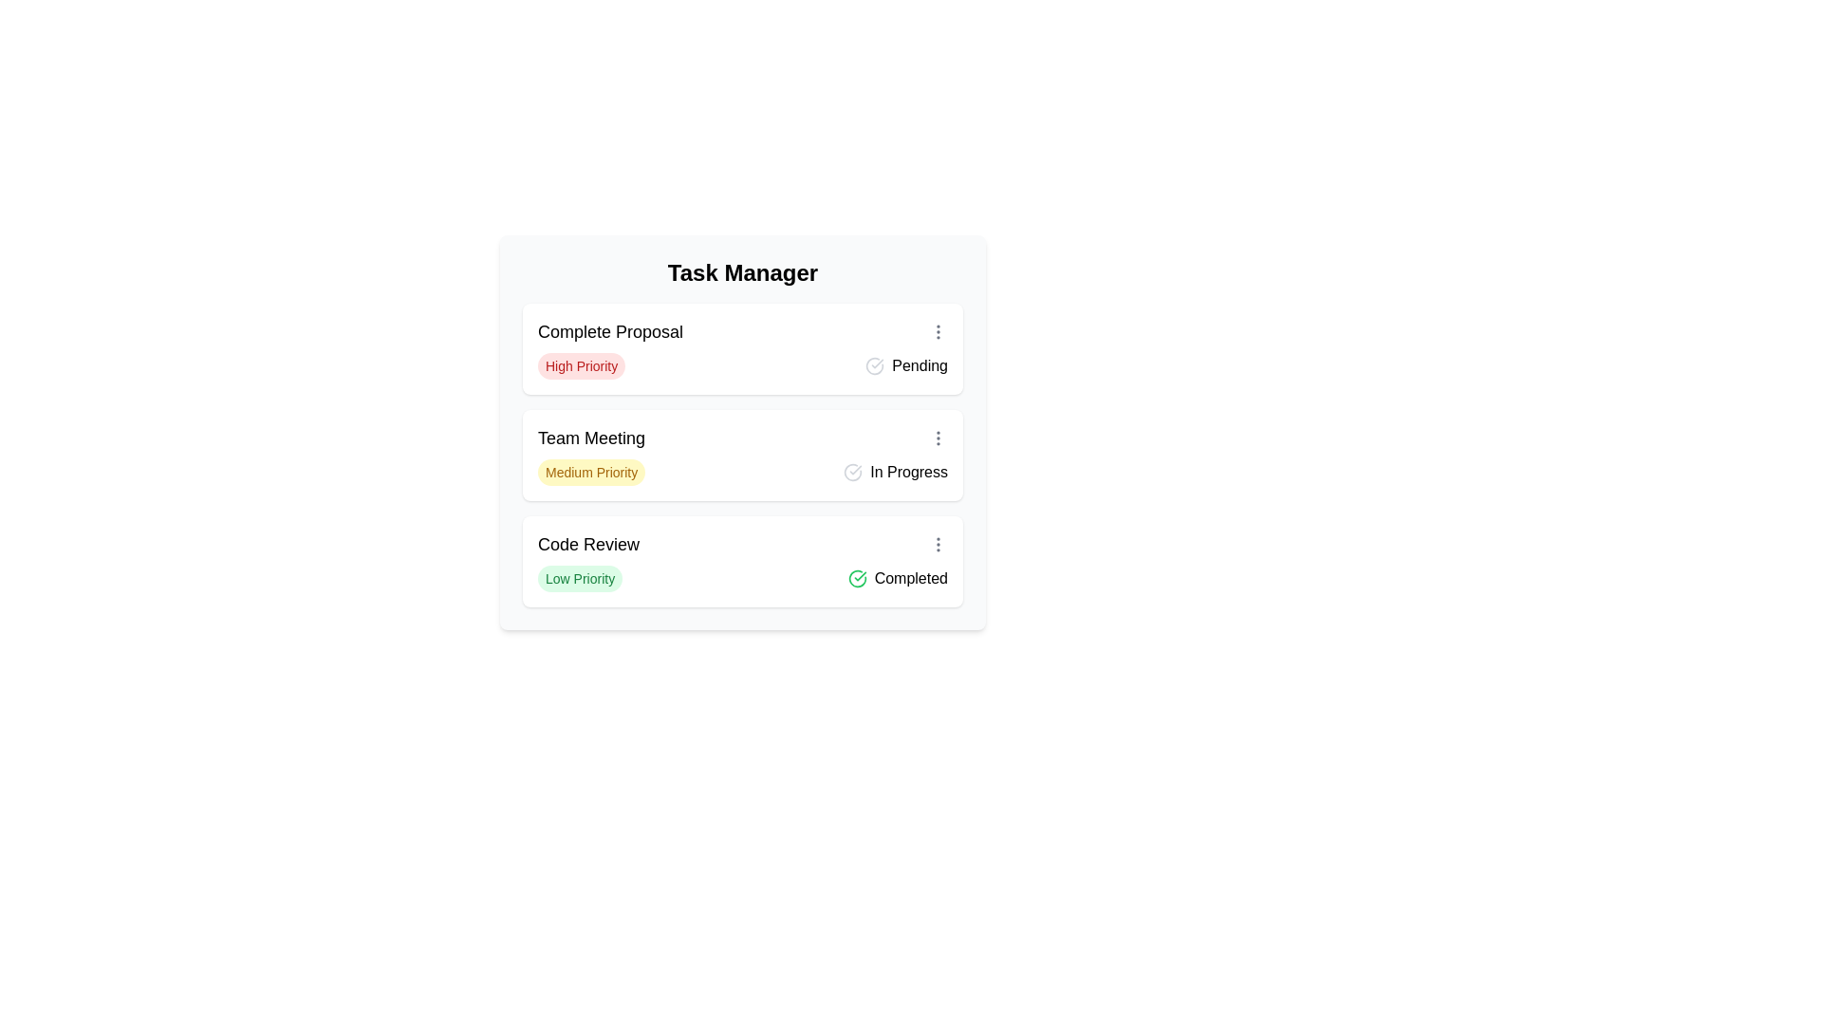 The height and width of the screenshot is (1025, 1822). I want to click on the text label displaying 'Pending' located in the upper-right corner of the task item labeled 'Complete Proposal', adjacent to a circular checkmark icon, so click(920, 365).